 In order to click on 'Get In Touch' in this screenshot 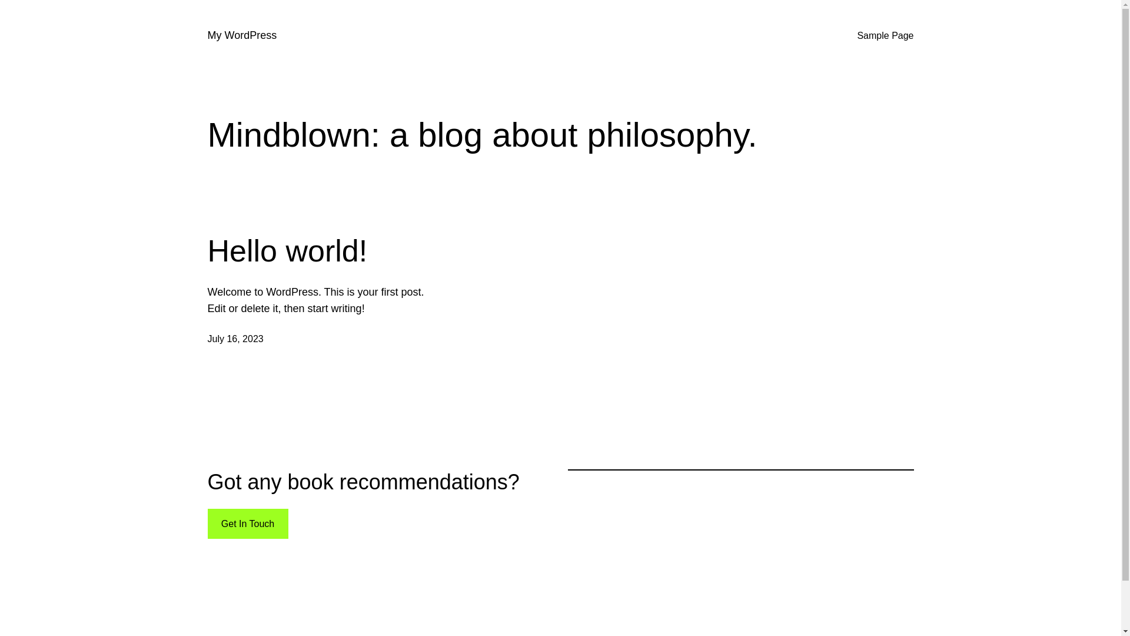, I will do `click(247, 523)`.